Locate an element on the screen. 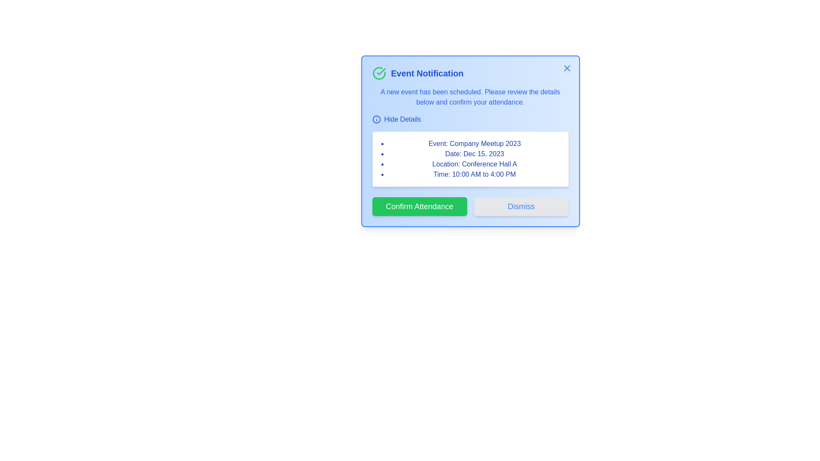 The width and height of the screenshot is (820, 461). the 'Dismiss' button to dismiss the notification is located at coordinates (521, 206).